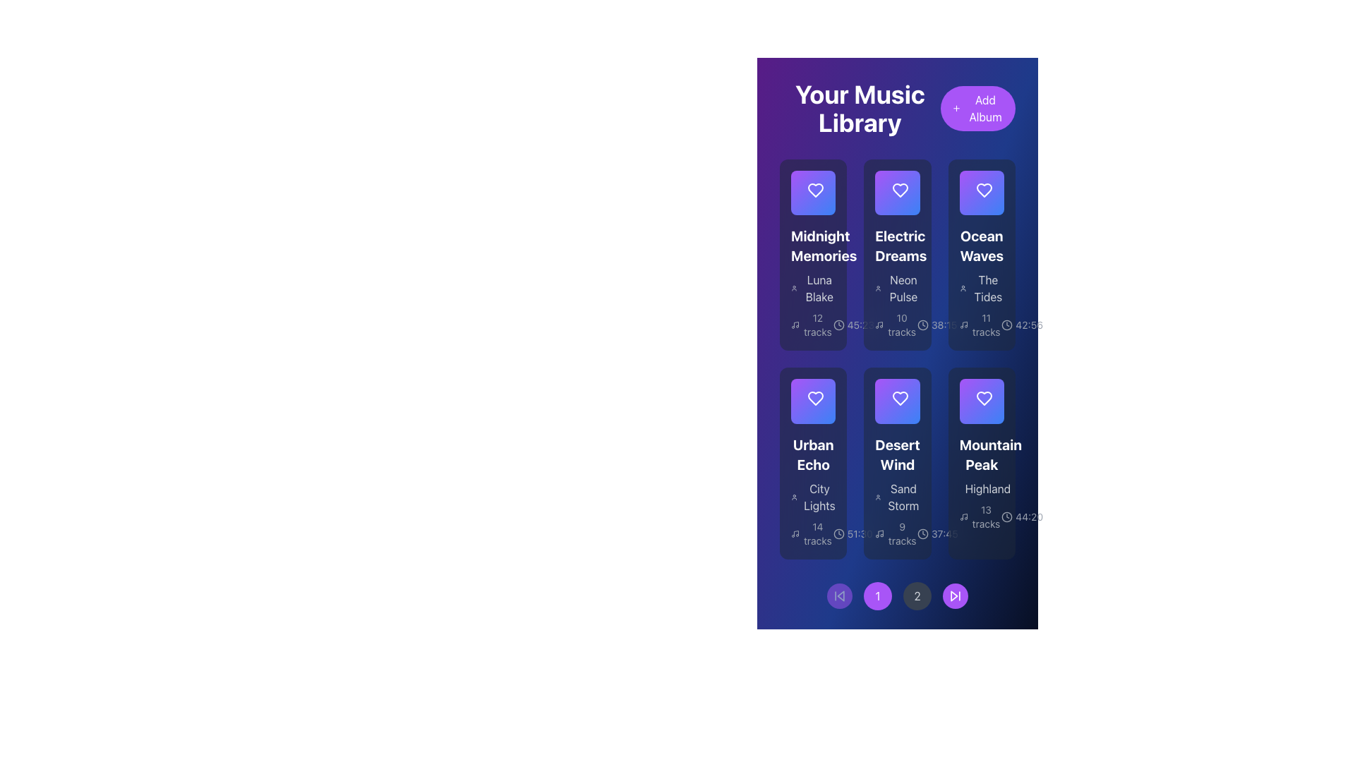 The image size is (1355, 762). What do you see at coordinates (816, 193) in the screenshot?
I see `the heart-shaped icon button at the top center of the first album card in 'Your Music Library'` at bounding box center [816, 193].